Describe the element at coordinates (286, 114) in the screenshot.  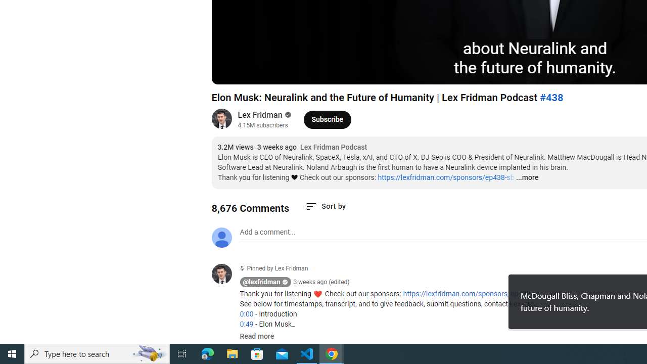
I see `'Verified'` at that location.